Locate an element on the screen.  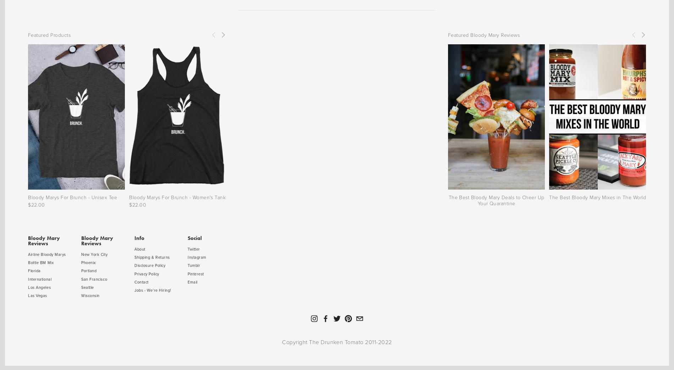
'Portland' is located at coordinates (88, 270).